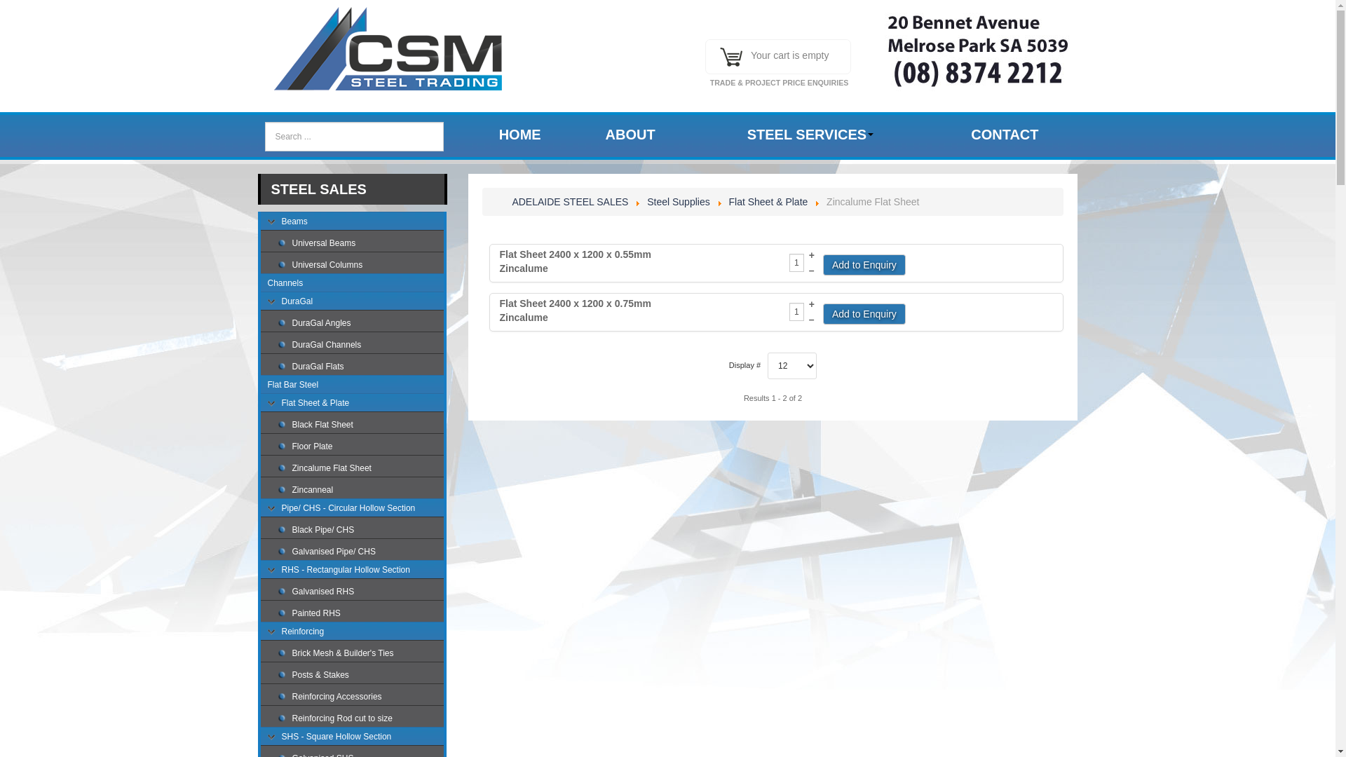 This screenshot has height=757, width=1346. I want to click on 'Universal Columns', so click(360, 266).